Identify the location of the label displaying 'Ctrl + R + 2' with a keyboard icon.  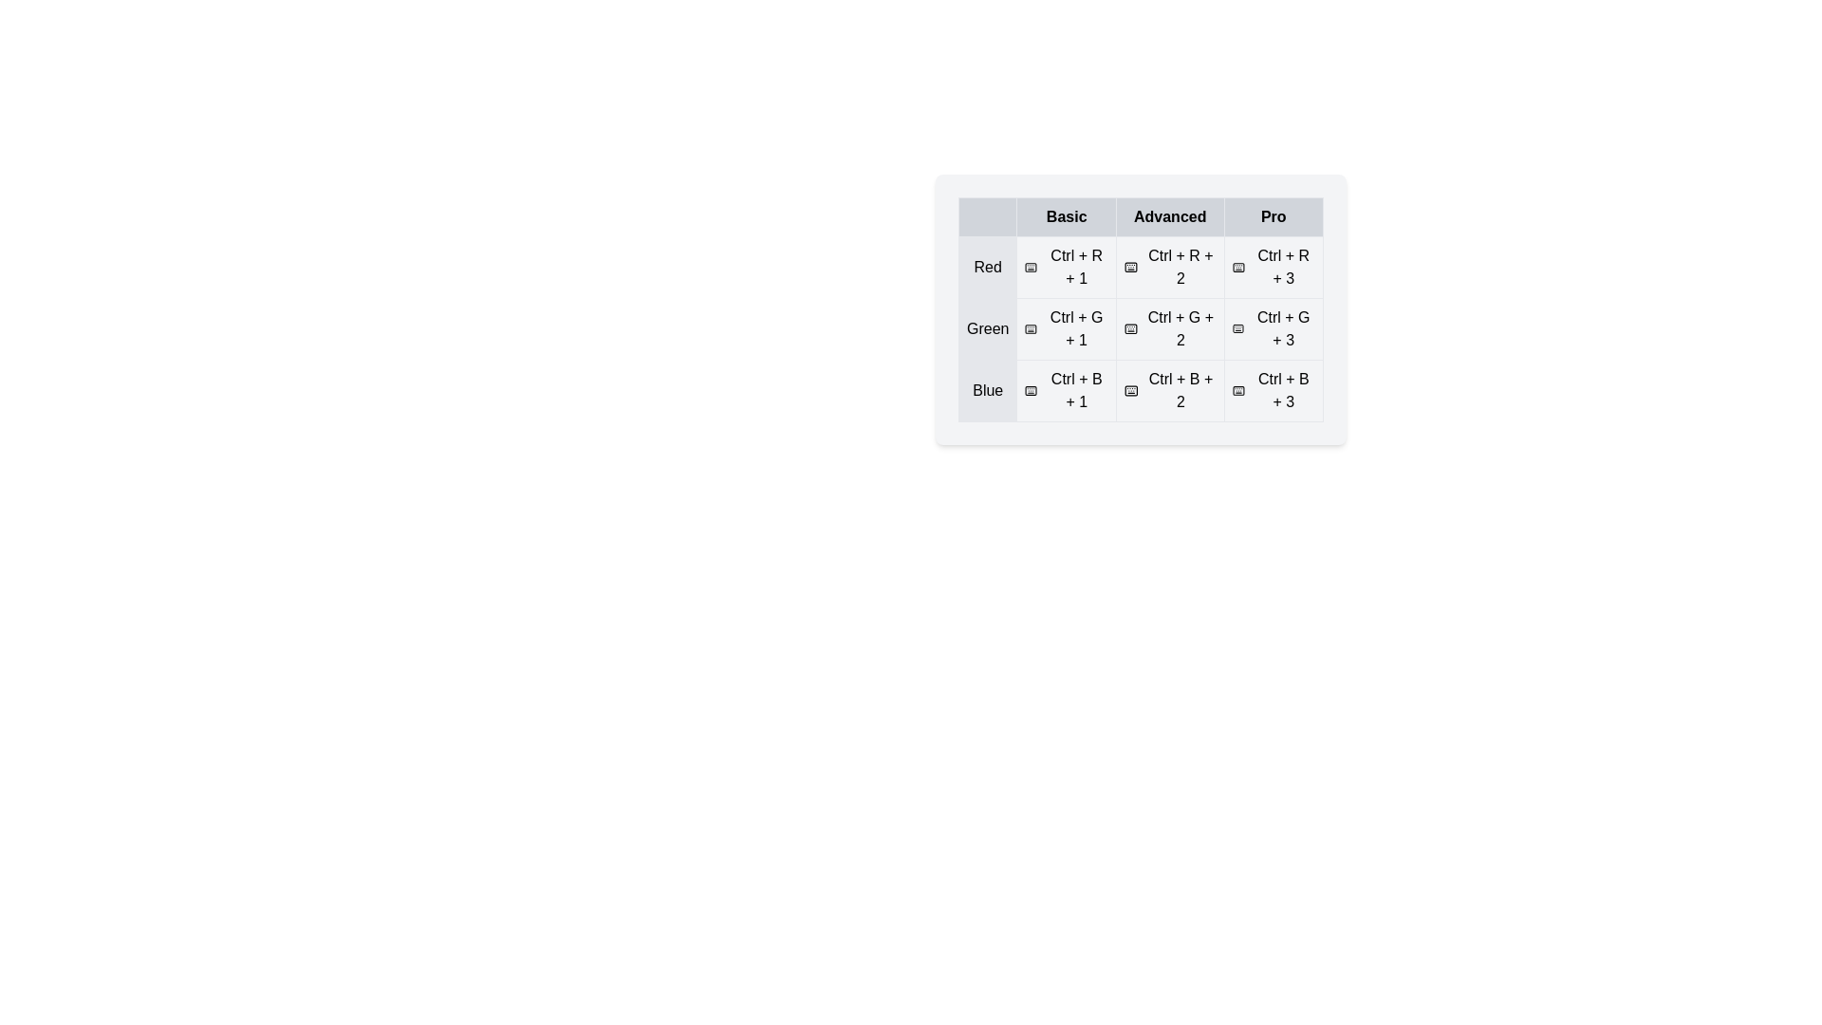
(1169, 267).